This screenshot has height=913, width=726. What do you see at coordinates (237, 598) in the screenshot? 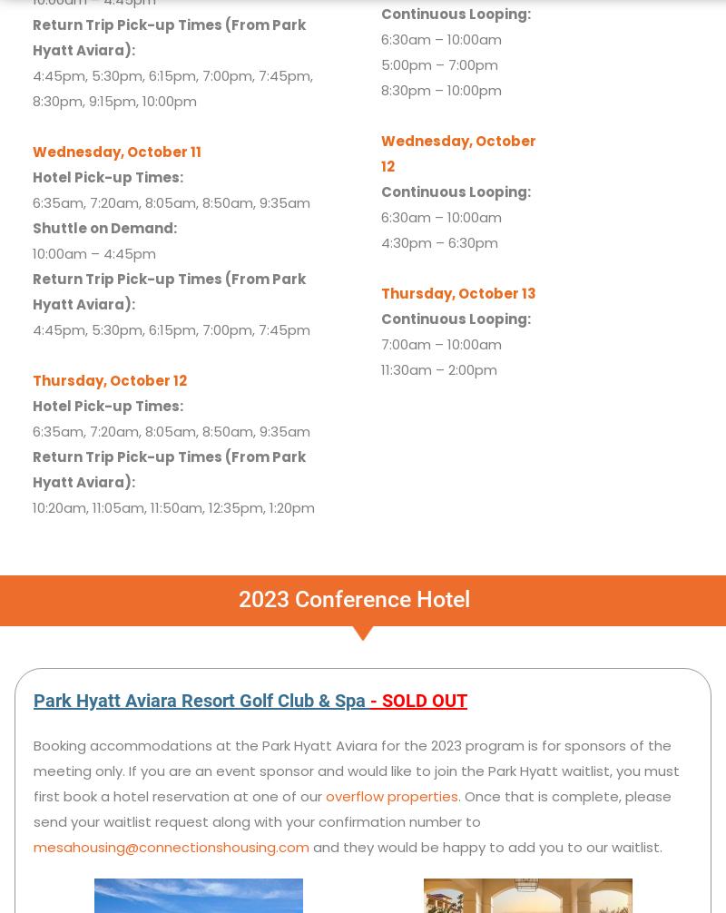
I see `'2023 Conference Hotel'` at bounding box center [237, 598].